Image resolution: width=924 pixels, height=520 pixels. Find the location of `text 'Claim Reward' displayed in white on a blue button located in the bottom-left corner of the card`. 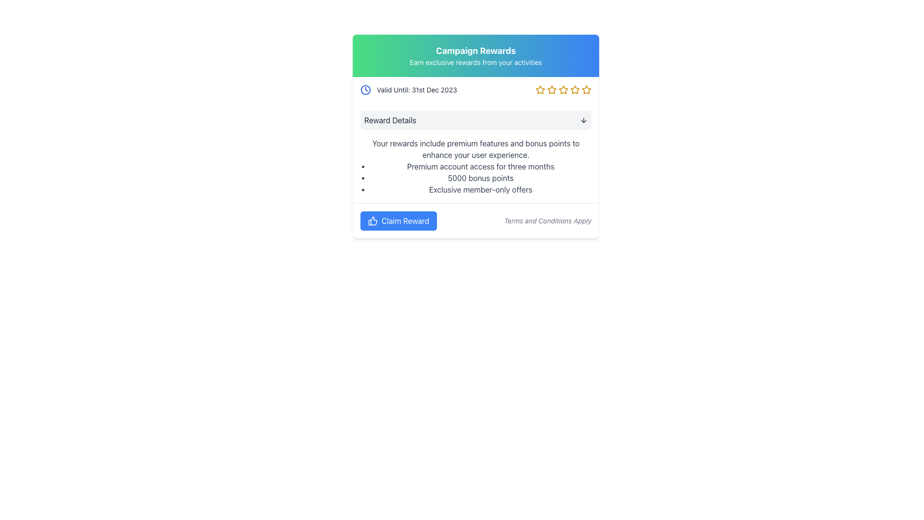

text 'Claim Reward' displayed in white on a blue button located in the bottom-left corner of the card is located at coordinates (405, 221).